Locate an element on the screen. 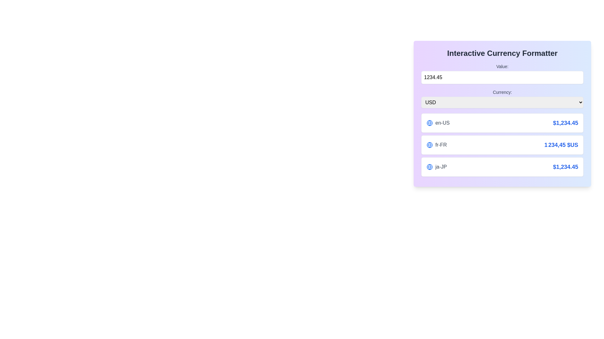  an option from the dropdown menu labeled 'Currency:' which currently shows 'USD' and is located within the 'Interactive Currency Formatter' widget is located at coordinates (502, 98).